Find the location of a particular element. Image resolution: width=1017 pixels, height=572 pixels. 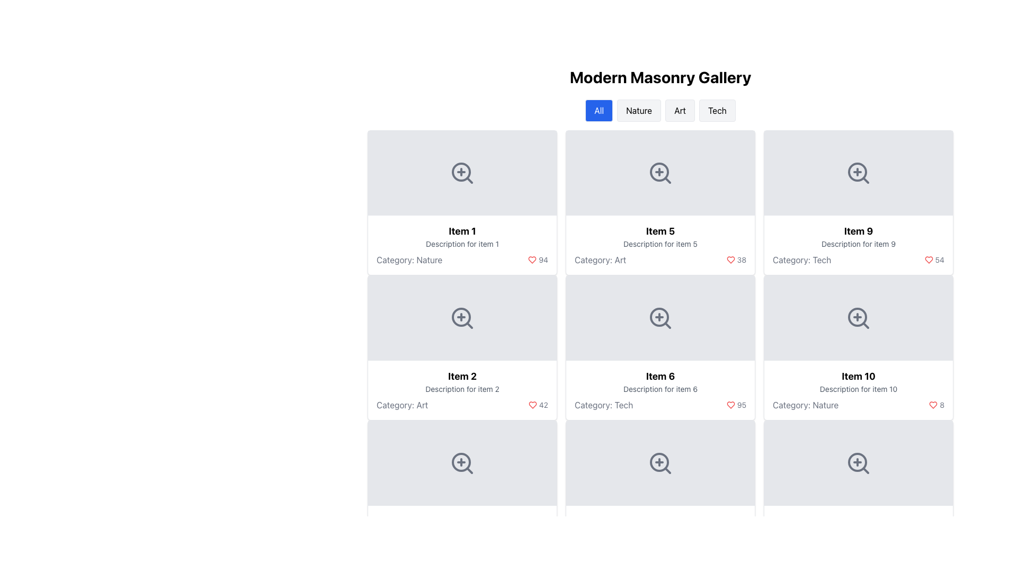

the red heart icon with the text '95' in gray, located in the lower-right corner of the card for 'Item 6' in the grid layout is located at coordinates (736, 405).